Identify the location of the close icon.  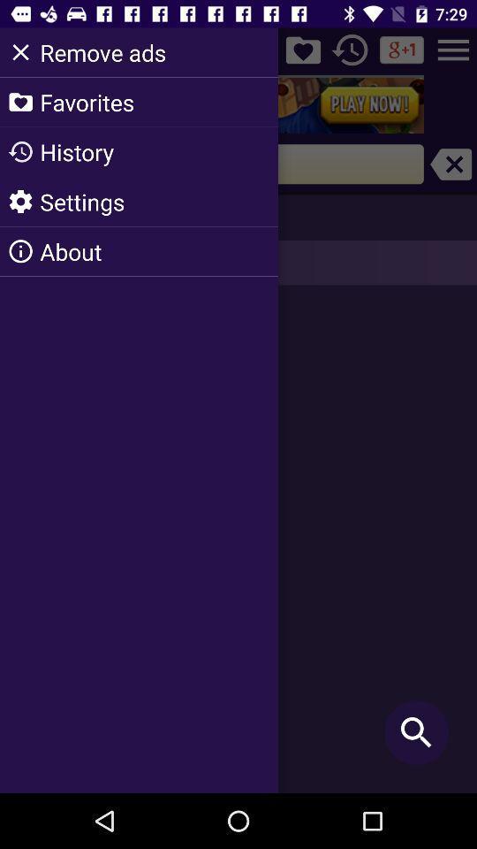
(450, 164).